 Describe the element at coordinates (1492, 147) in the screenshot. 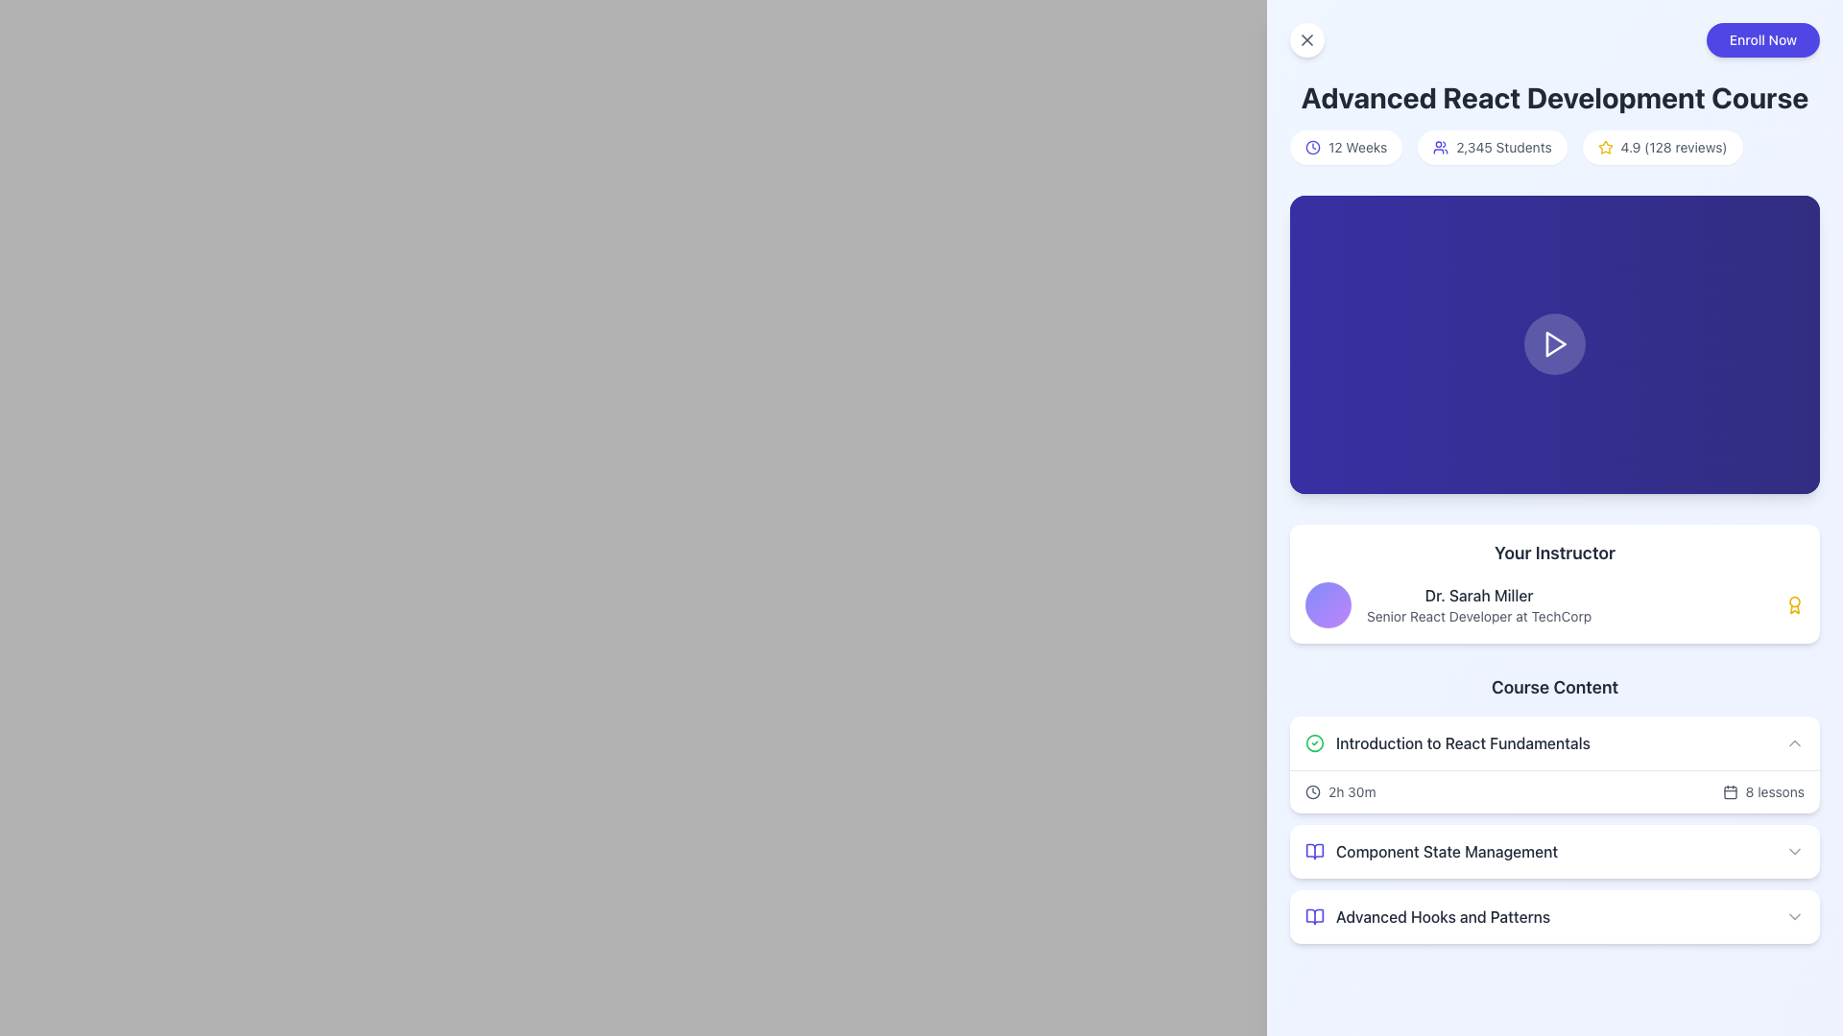

I see `the Informational badge displaying '2,345 Students', characterized by a white background, rounded corners, and an indigo icon of two user figures` at that location.